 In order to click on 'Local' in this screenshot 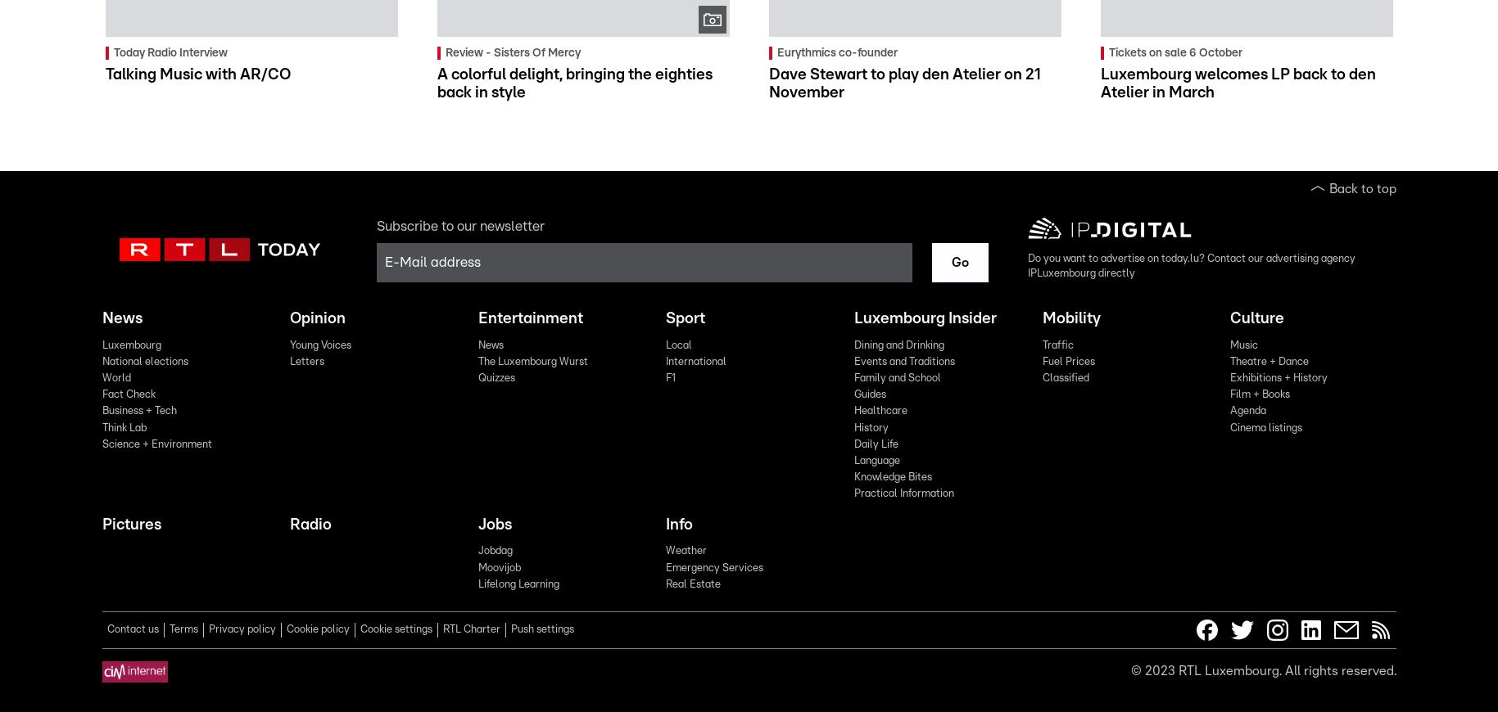, I will do `click(678, 345)`.